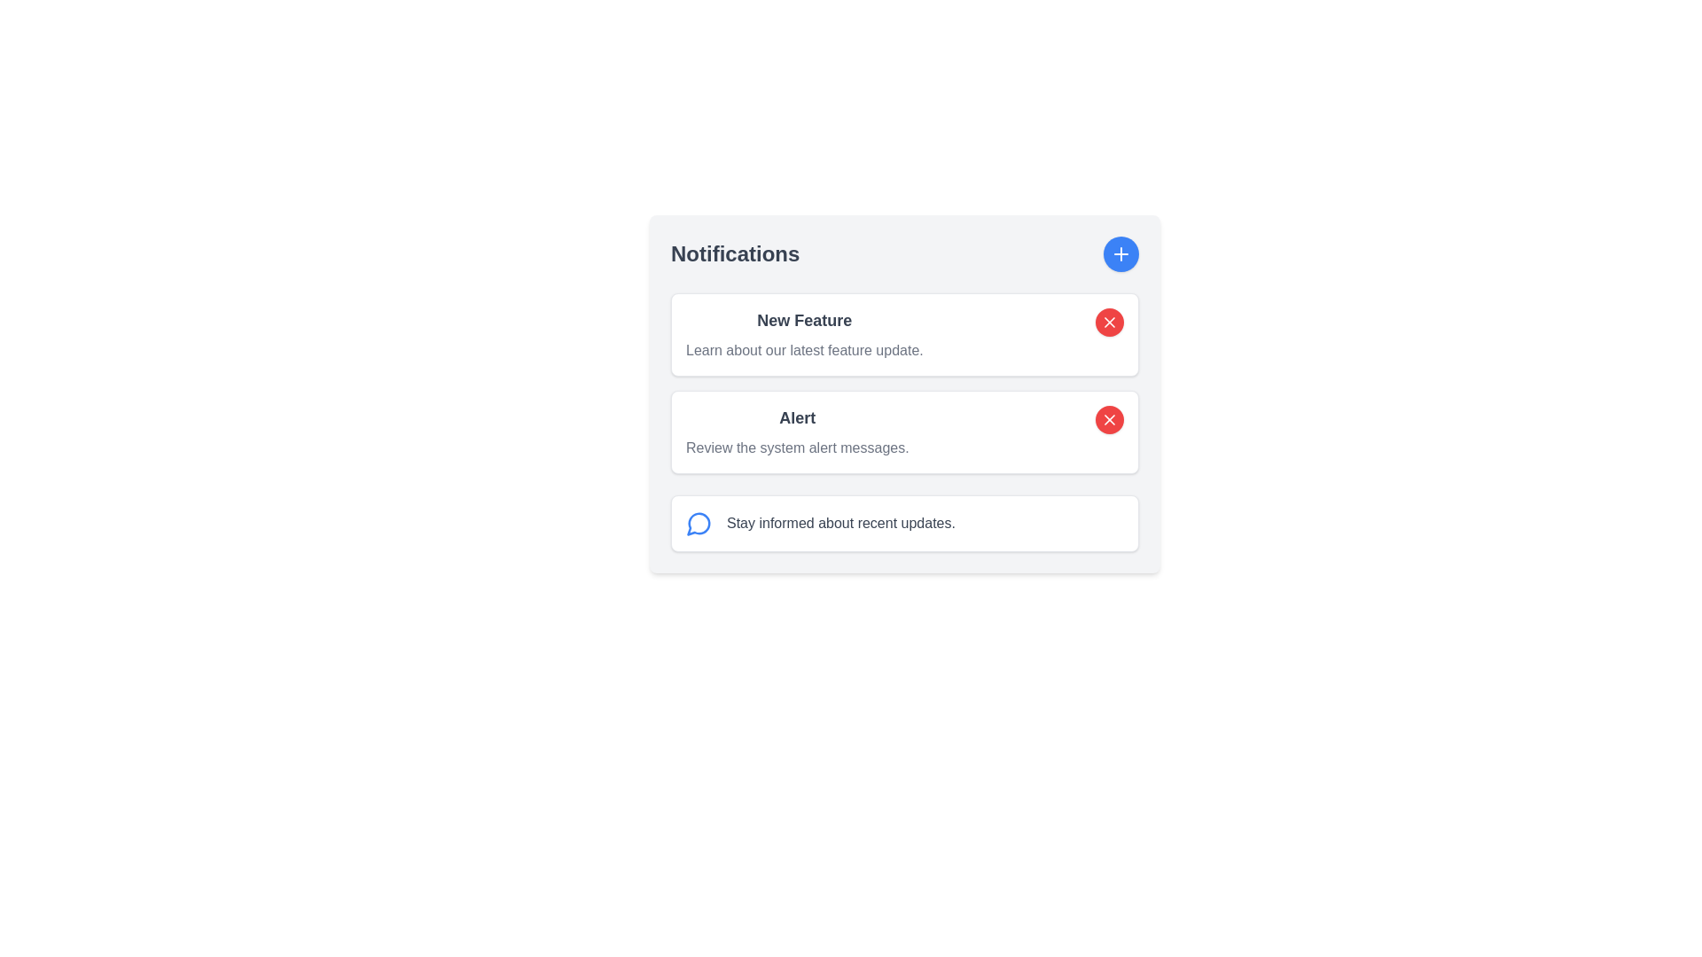  I want to click on the Informational card, which is the third card in the Notifications section, featuring a blue chat bubble icon and the text 'Stay informed about recent updates.', so click(905, 522).